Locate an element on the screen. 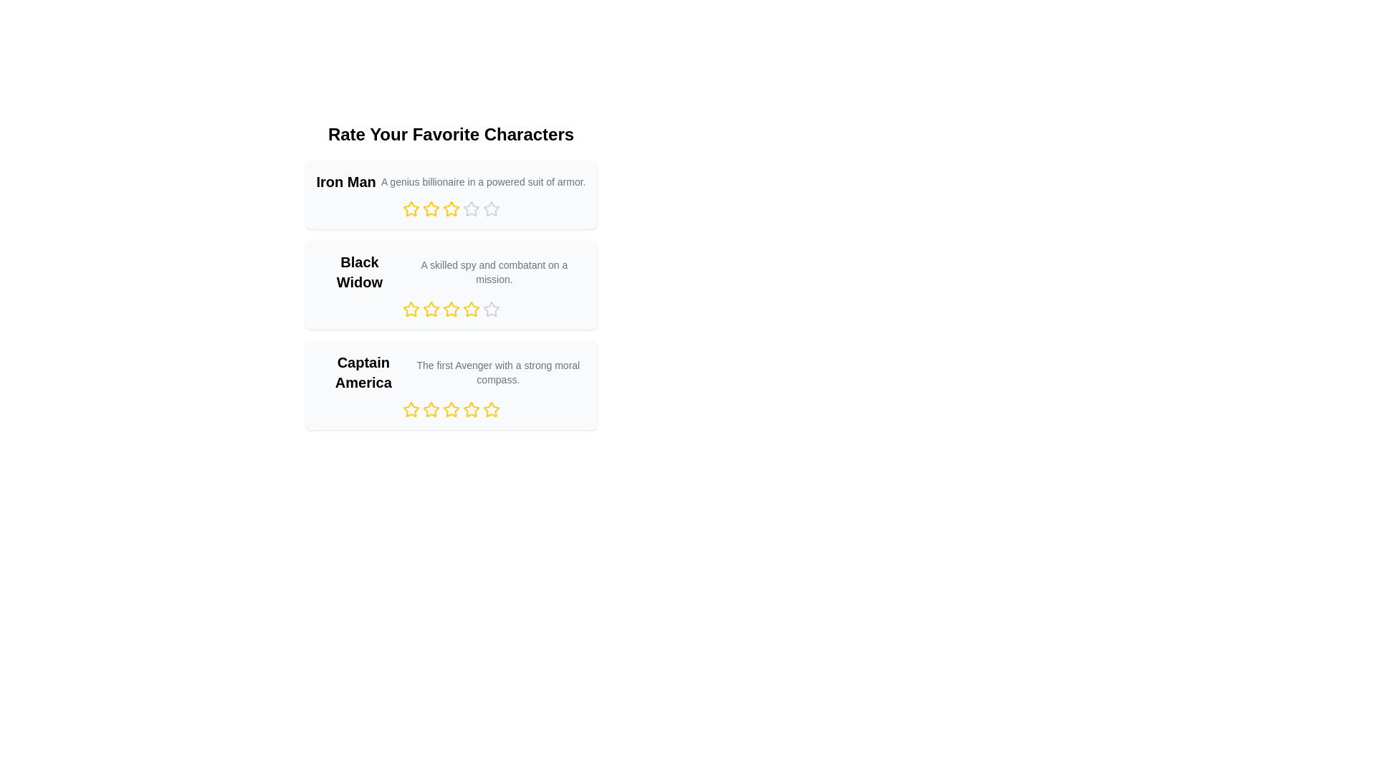 The image size is (1376, 774). the fifth star-shaped rating button for 'Iron Man' is located at coordinates (491, 209).